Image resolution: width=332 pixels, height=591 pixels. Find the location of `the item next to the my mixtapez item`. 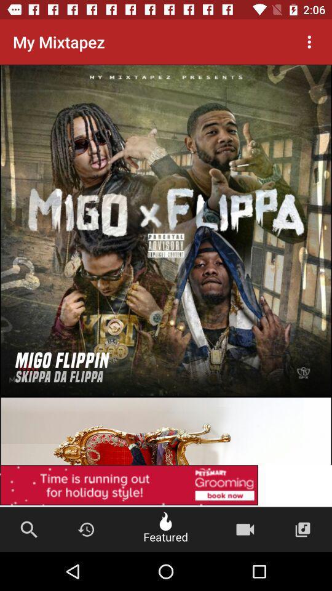

the item next to the my mixtapez item is located at coordinates (309, 42).